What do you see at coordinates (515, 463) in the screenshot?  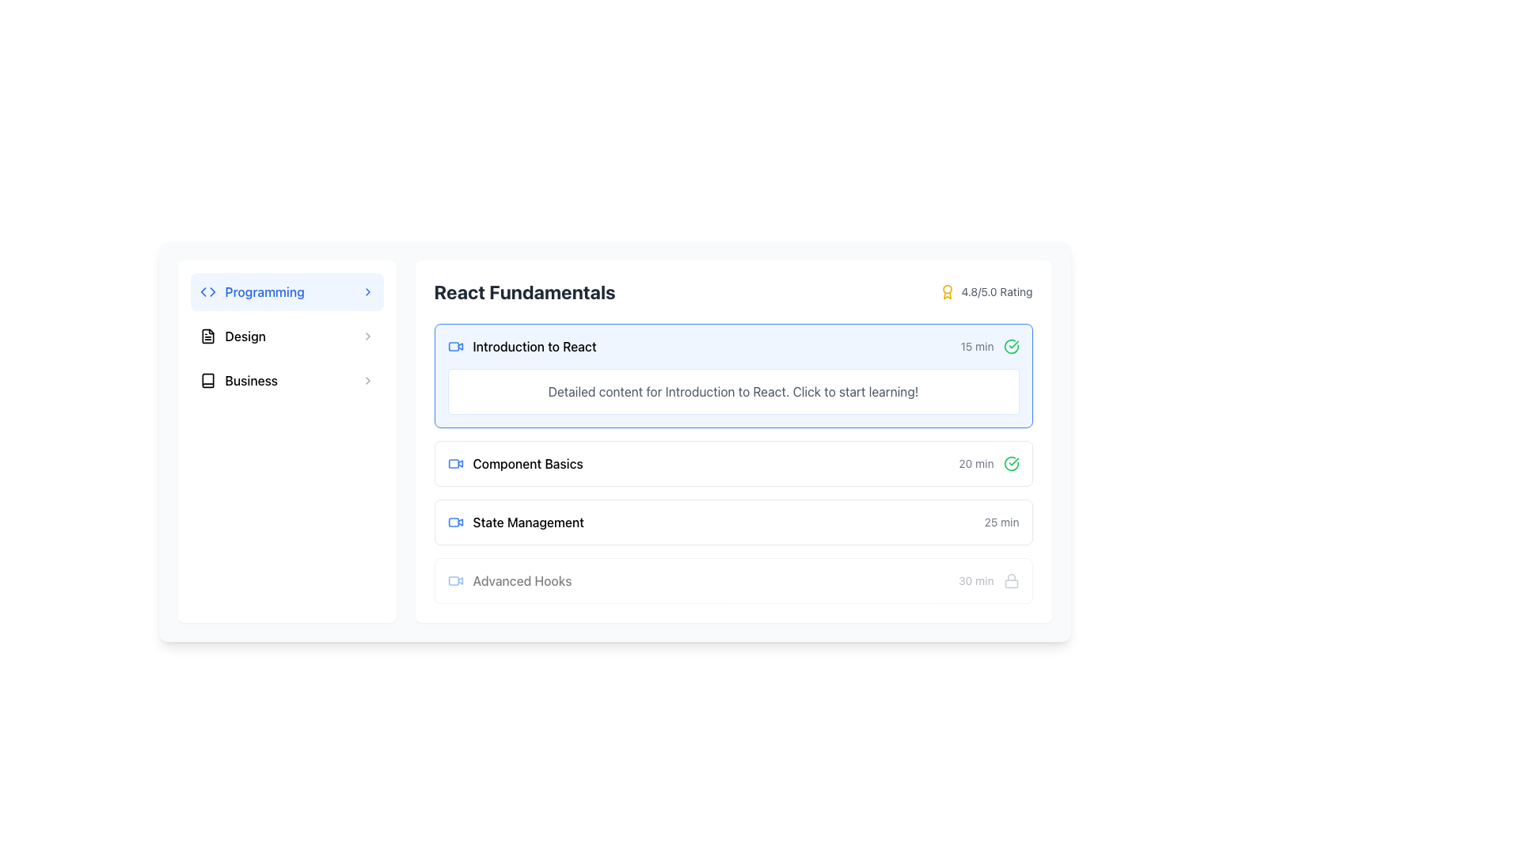 I see `the 'Component Basics' list item which has a blue video icon` at bounding box center [515, 463].